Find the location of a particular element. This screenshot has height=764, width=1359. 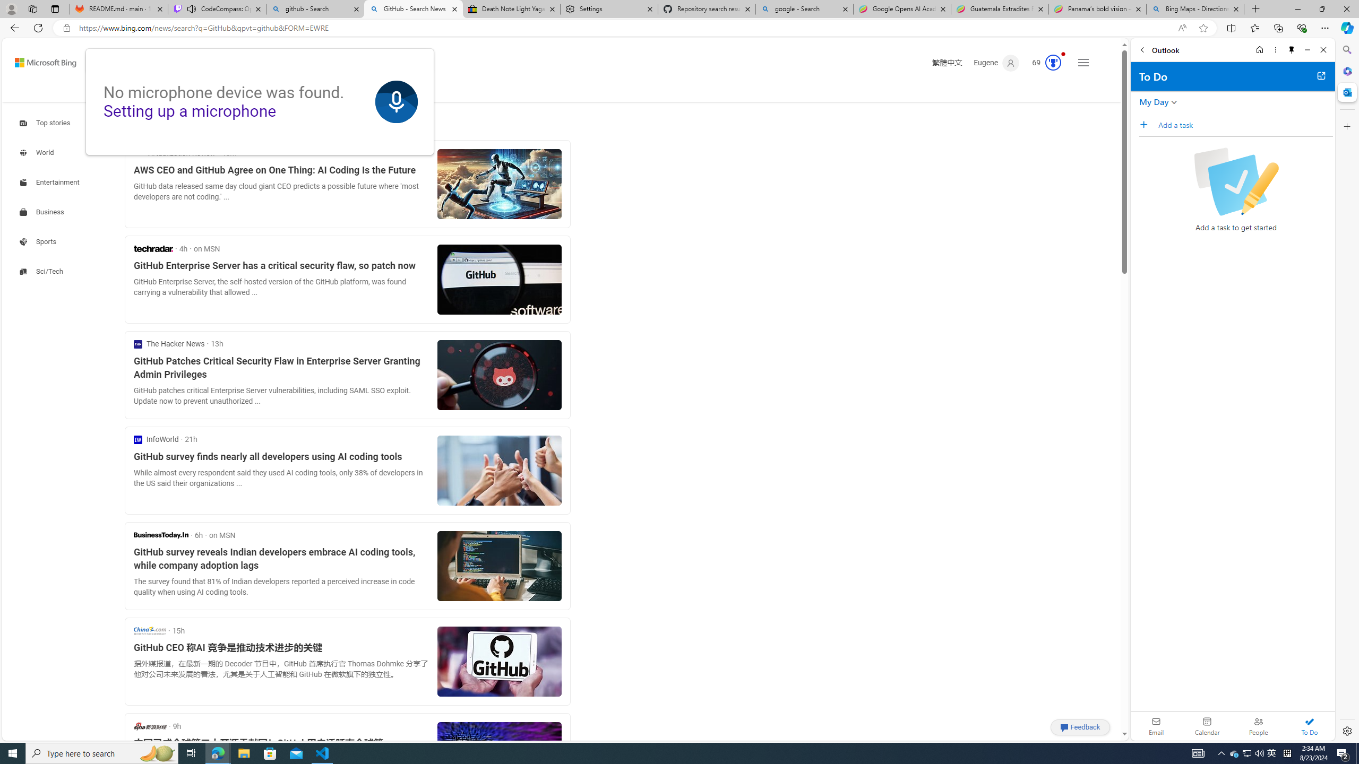

'Search news about Sports' is located at coordinates (39, 241).